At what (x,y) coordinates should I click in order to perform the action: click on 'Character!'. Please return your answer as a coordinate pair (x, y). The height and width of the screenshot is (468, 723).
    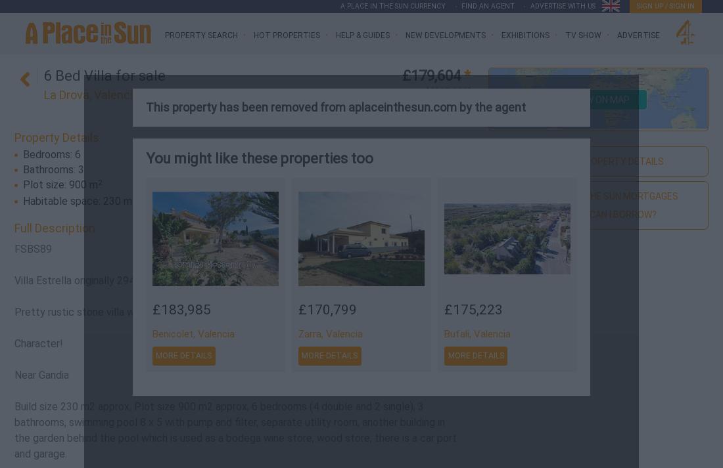
    Looking at the image, I should click on (37, 343).